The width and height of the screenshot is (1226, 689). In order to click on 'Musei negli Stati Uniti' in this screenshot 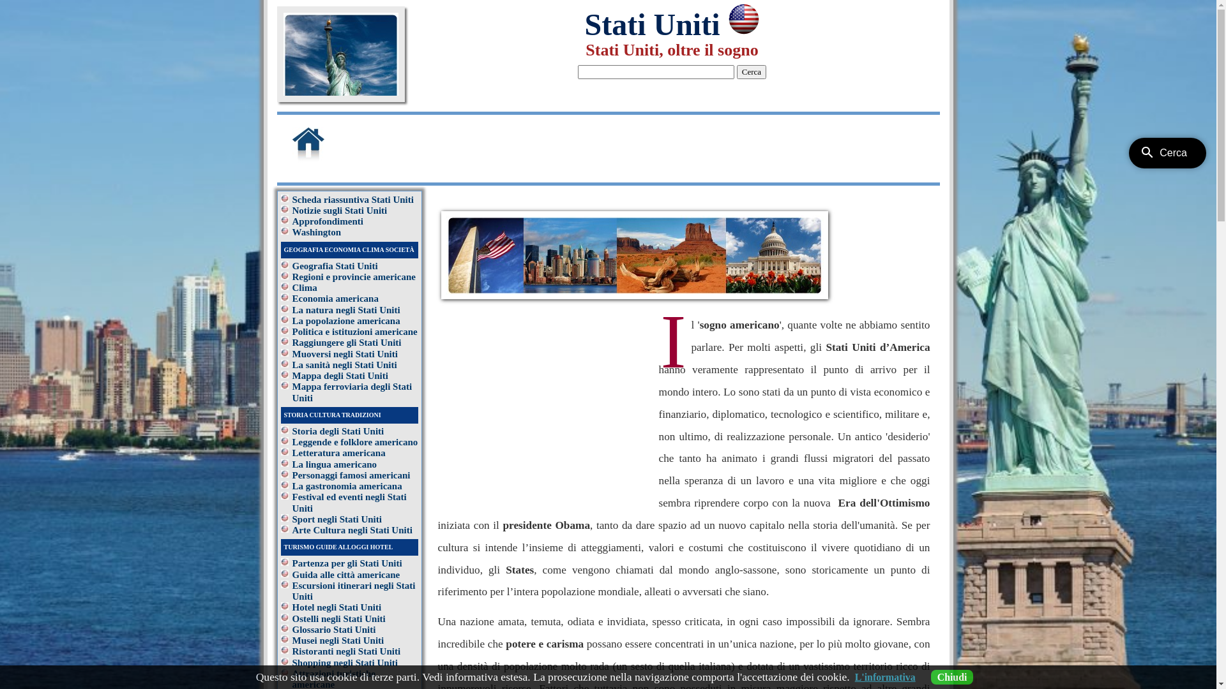, I will do `click(338, 640)`.